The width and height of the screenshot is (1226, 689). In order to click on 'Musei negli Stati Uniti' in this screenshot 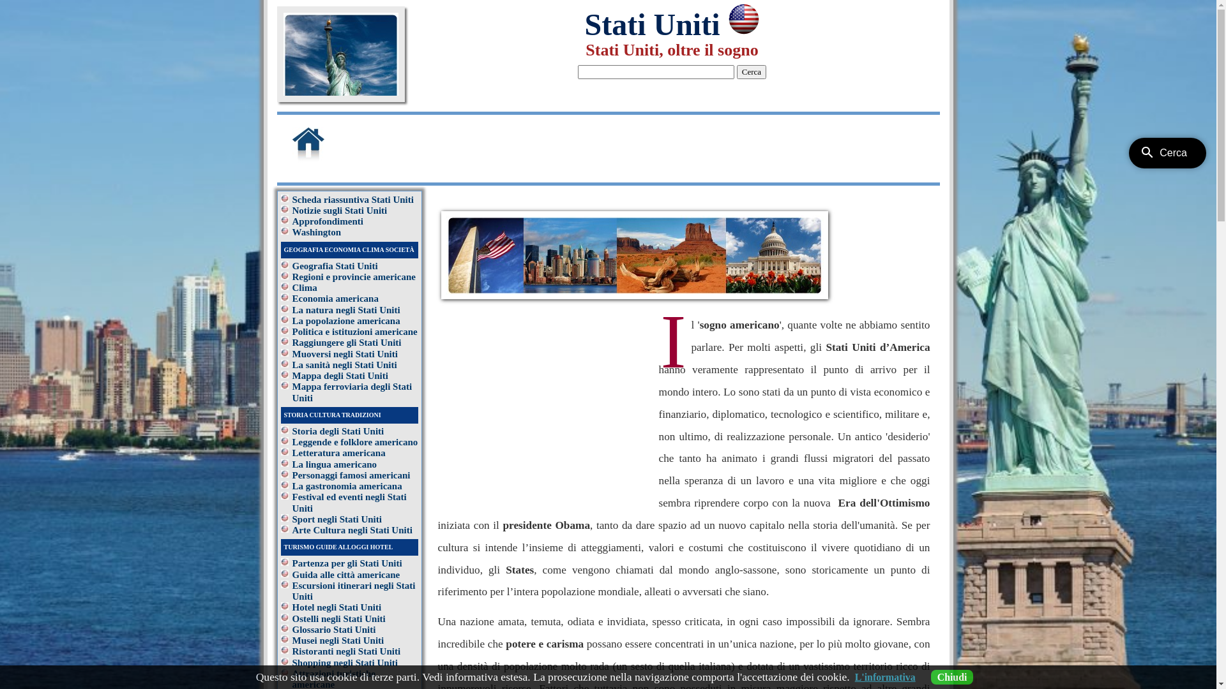, I will do `click(338, 640)`.